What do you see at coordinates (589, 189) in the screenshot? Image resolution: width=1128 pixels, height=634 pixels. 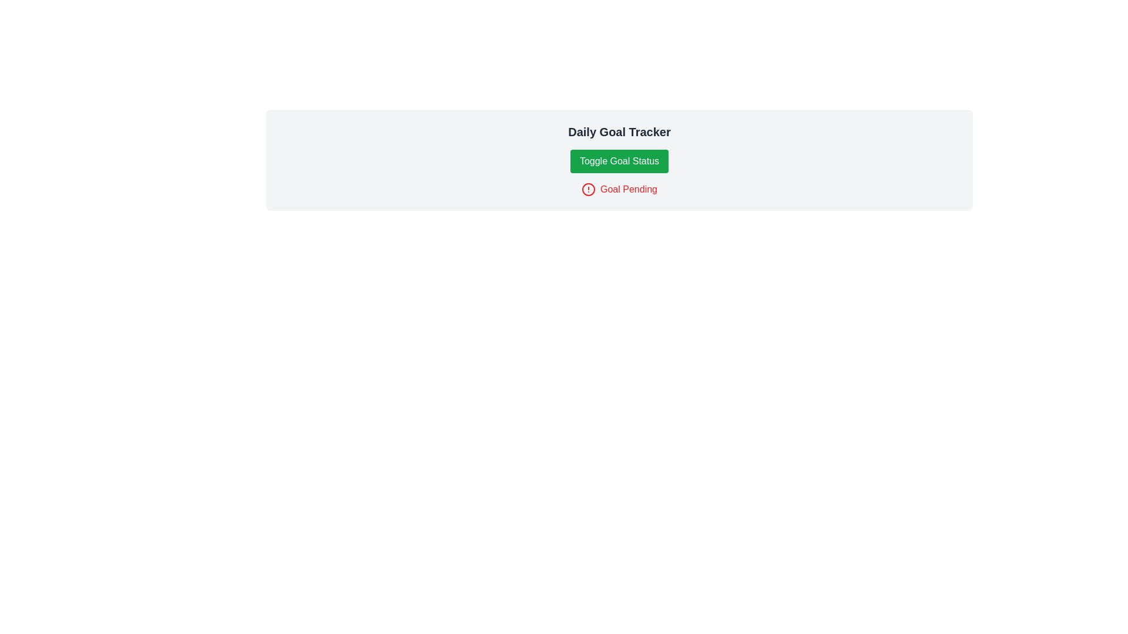 I see `the red circular shape within the alert icon` at bounding box center [589, 189].